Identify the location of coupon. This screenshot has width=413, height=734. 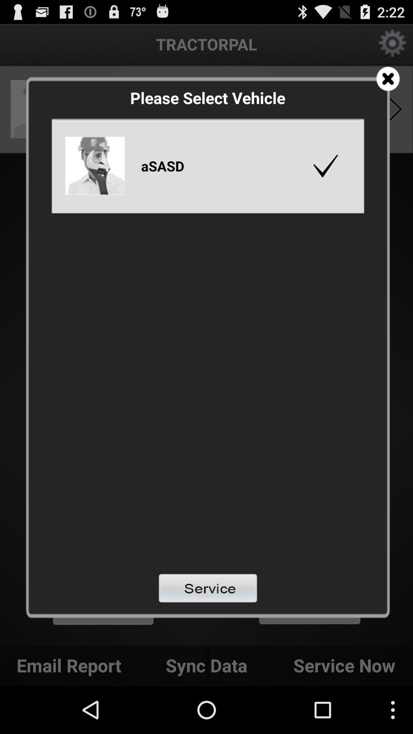
(388, 79).